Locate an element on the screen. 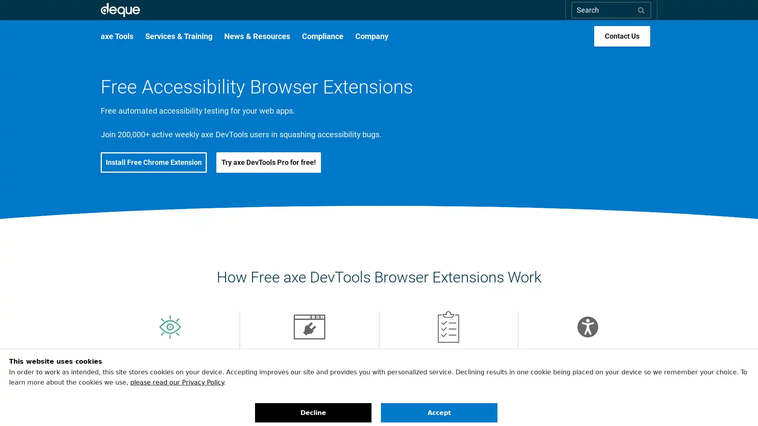 Image resolution: width=758 pixels, height=426 pixels. Submit is located at coordinates (641, 9).